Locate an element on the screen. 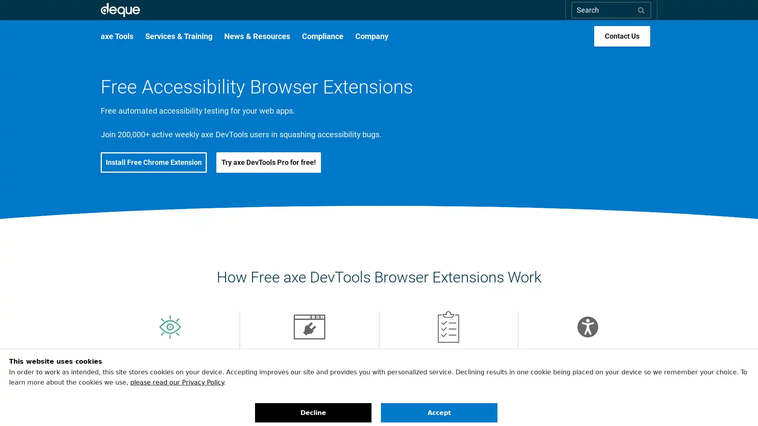 Image resolution: width=758 pixels, height=426 pixels. Submit is located at coordinates (641, 9).